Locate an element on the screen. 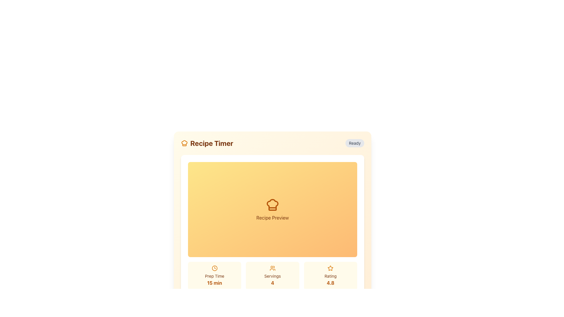 The image size is (564, 317). the cooking or recipe symbol icon located centrally below the title 'Recipe Timer' in the recipe-related interface is located at coordinates (184, 143).